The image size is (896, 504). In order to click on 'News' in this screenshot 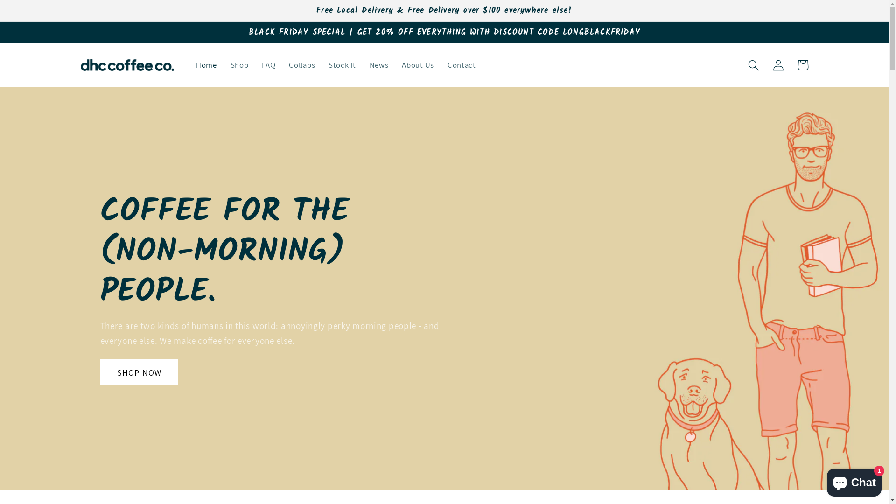, I will do `click(378, 64)`.